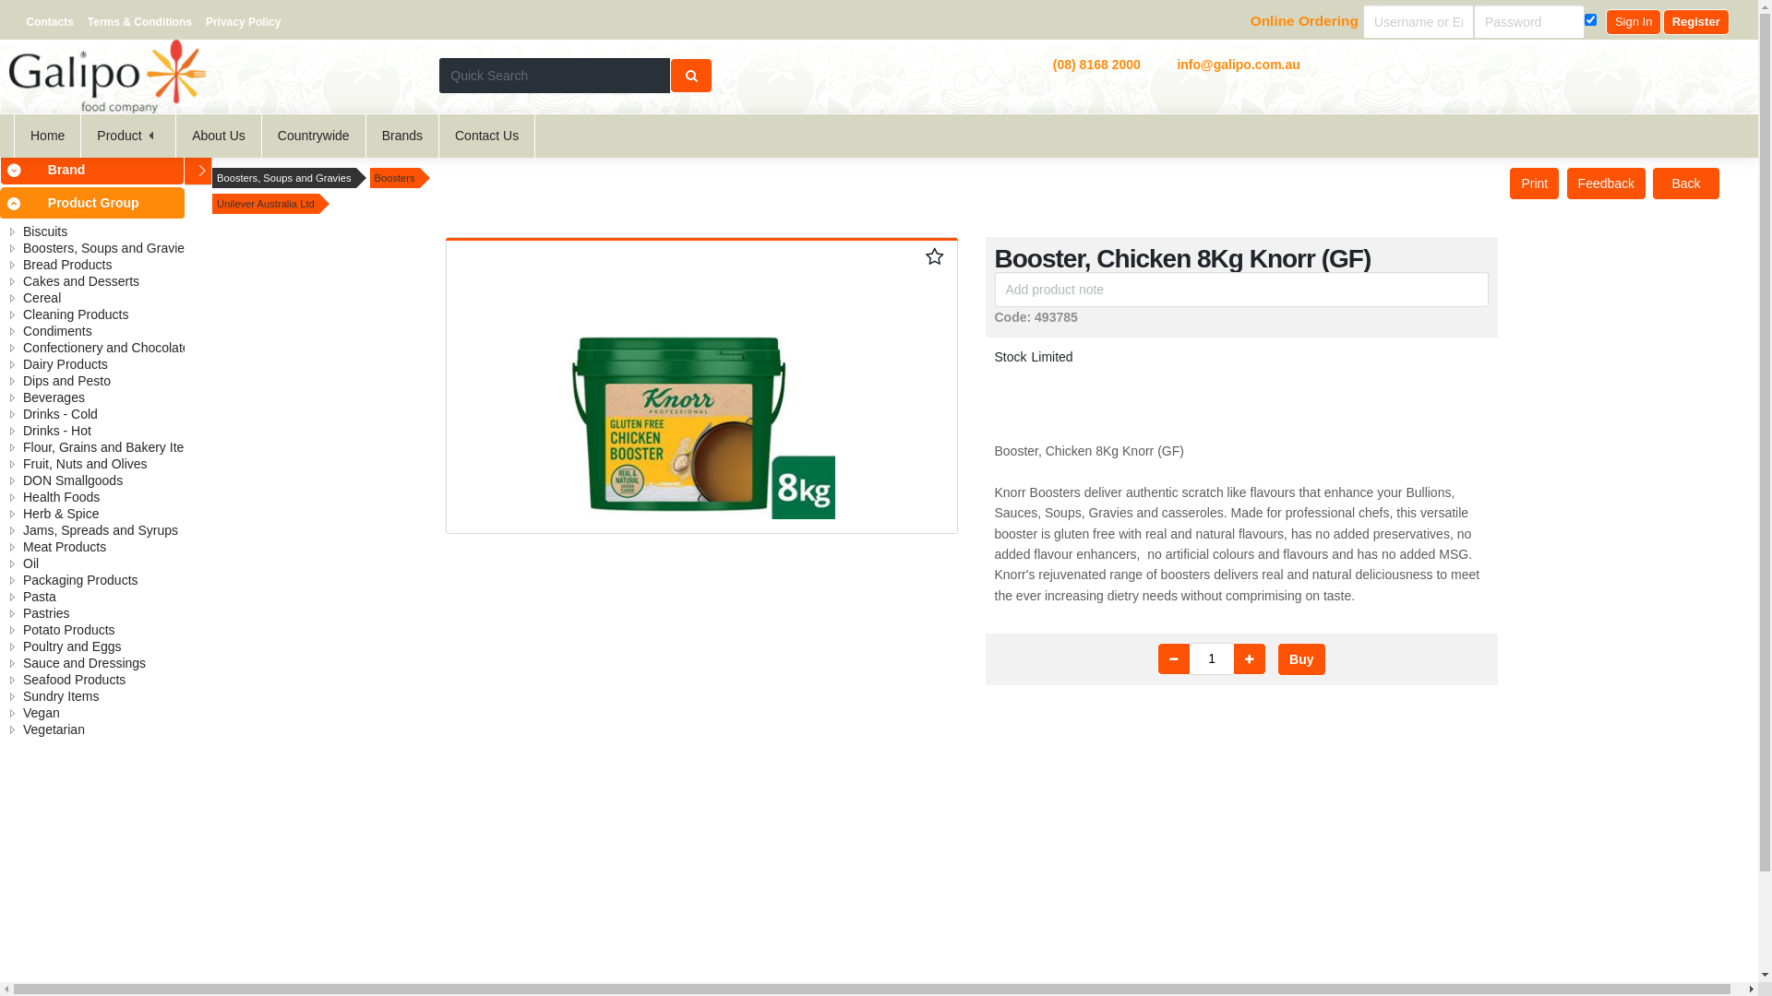 This screenshot has height=996, width=1772. I want to click on 'Sign In', so click(1604, 21).